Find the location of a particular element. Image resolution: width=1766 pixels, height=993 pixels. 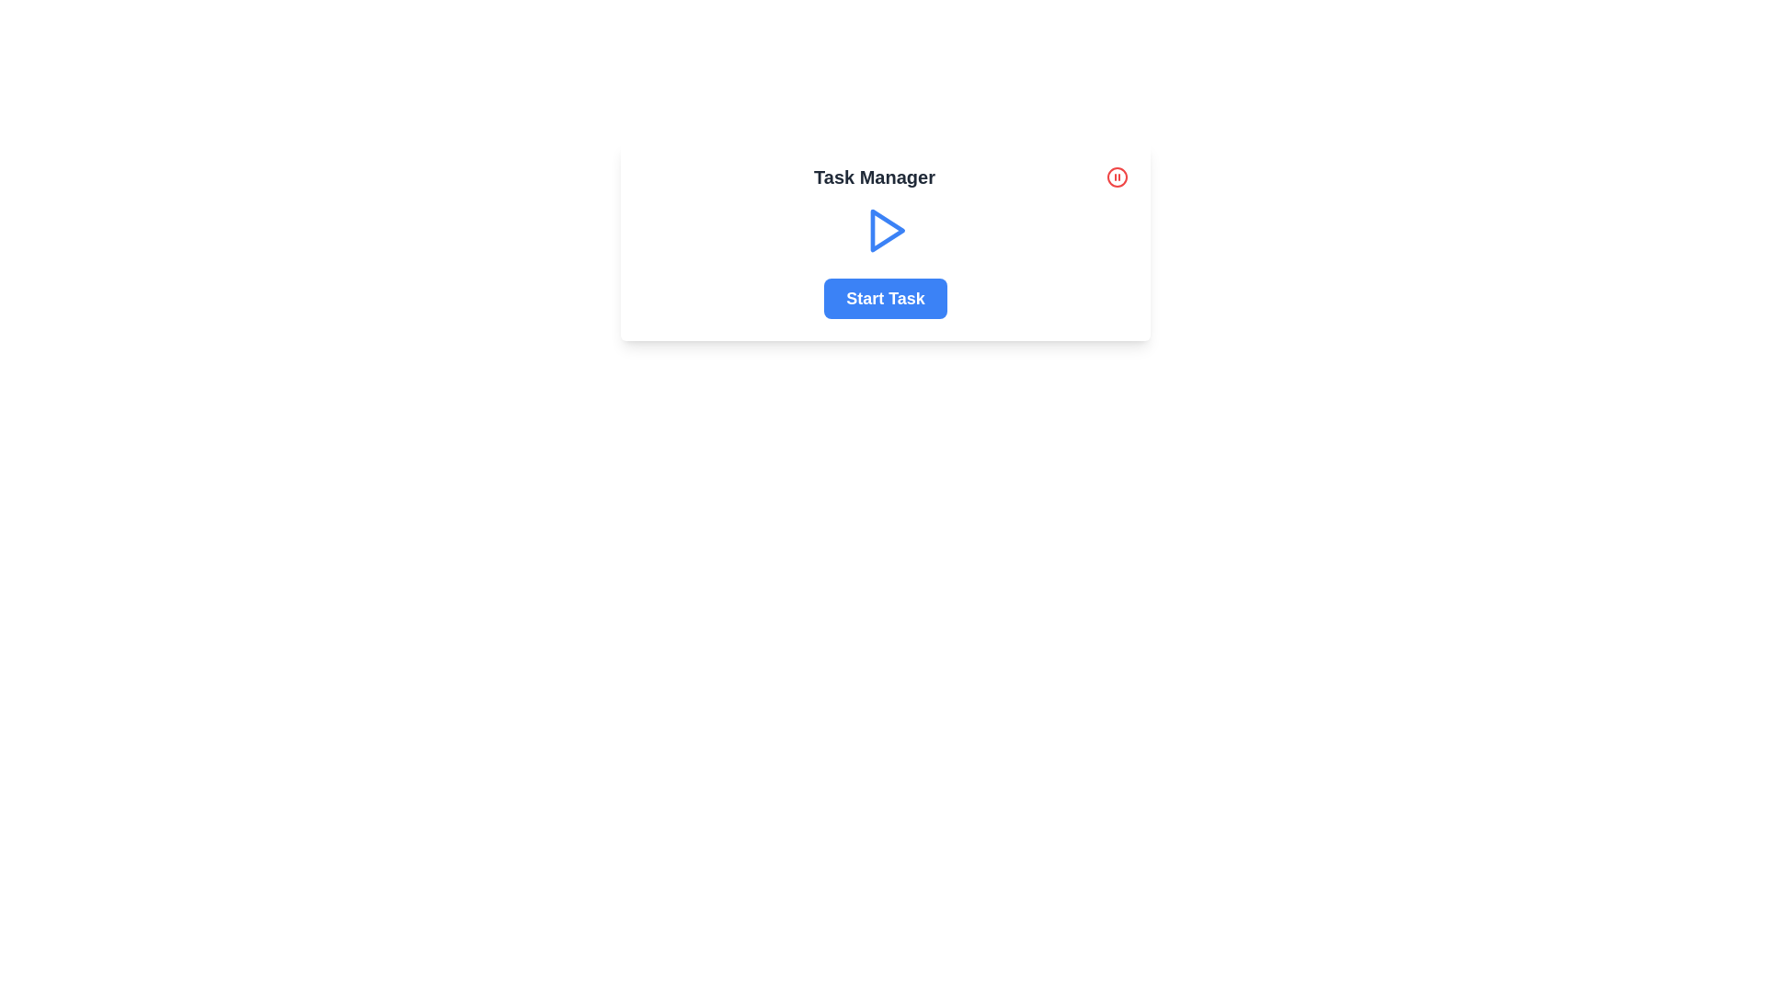

the 'play' icon located under the 'Task Manager' title and above the 'Start Task' button is located at coordinates (888, 229).